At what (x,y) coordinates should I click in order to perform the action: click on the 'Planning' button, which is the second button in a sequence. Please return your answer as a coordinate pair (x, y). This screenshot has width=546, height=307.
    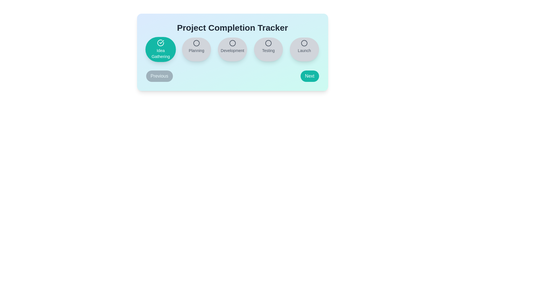
    Looking at the image, I should click on (197, 49).